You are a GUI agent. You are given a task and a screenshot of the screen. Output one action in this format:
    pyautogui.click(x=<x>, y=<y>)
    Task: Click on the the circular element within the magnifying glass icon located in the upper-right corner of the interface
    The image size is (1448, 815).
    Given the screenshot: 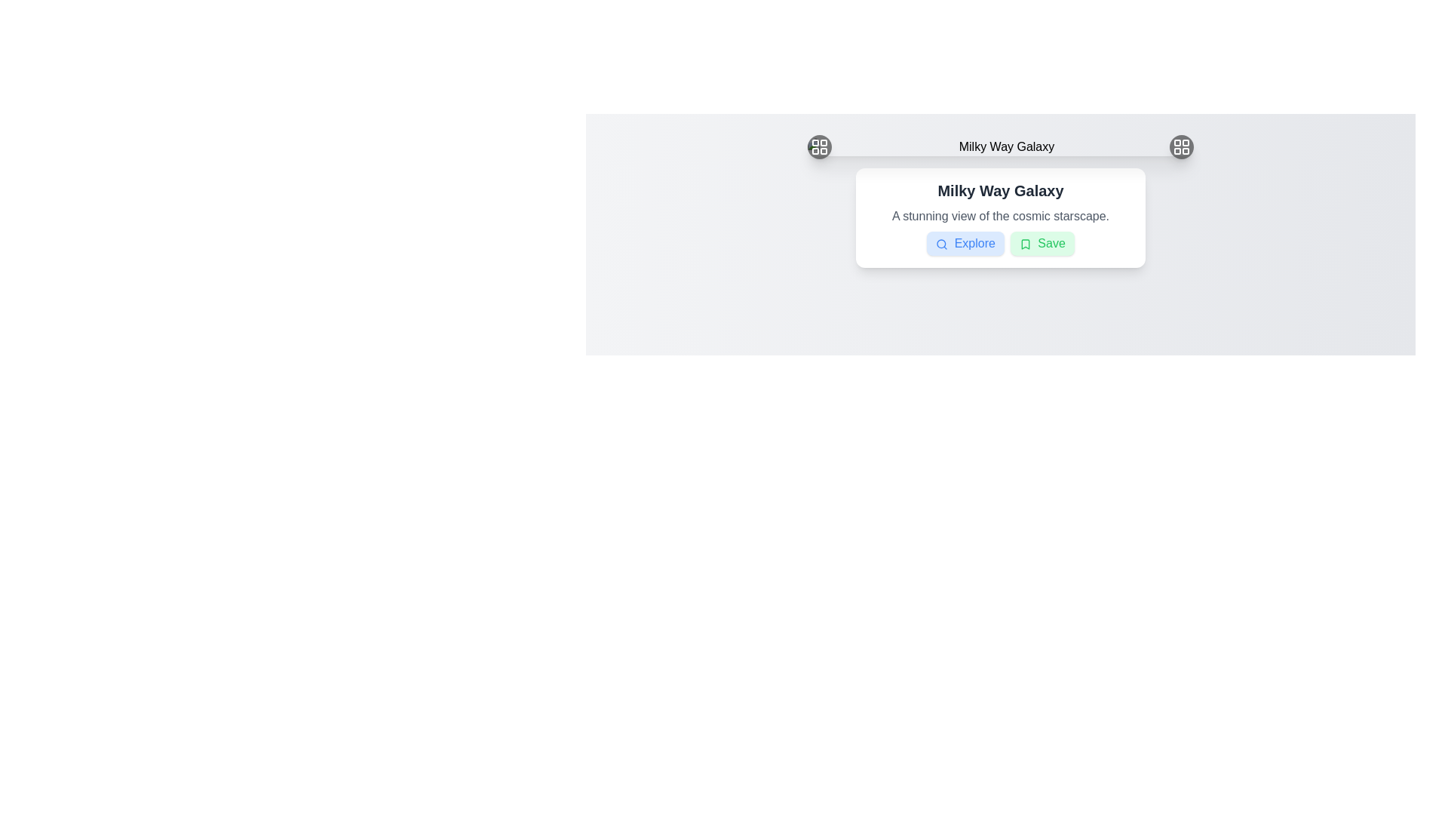 What is the action you would take?
    pyautogui.click(x=940, y=243)
    